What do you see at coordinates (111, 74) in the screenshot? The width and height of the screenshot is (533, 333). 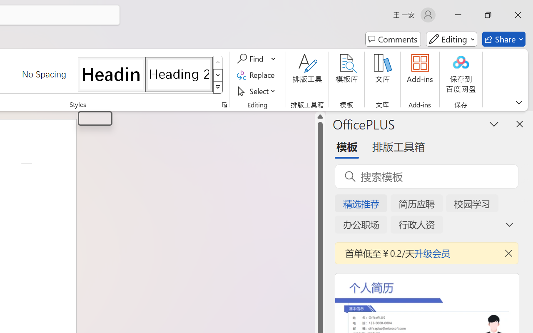 I see `'Heading 1'` at bounding box center [111, 74].